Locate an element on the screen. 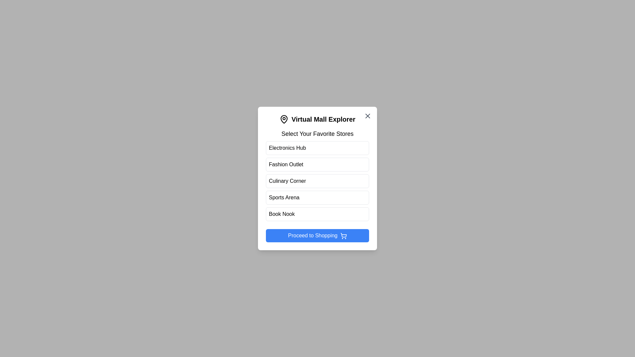 This screenshot has width=635, height=357. the text label of the third option in the list for 'Culinary Corner' under 'Select Your Favorite Stores' is located at coordinates (287, 181).